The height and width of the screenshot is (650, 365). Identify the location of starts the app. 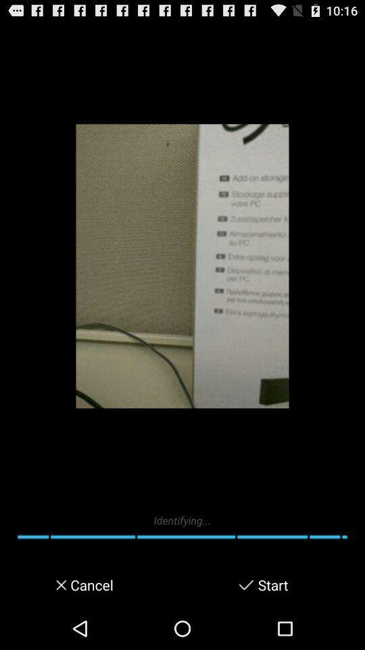
(245, 584).